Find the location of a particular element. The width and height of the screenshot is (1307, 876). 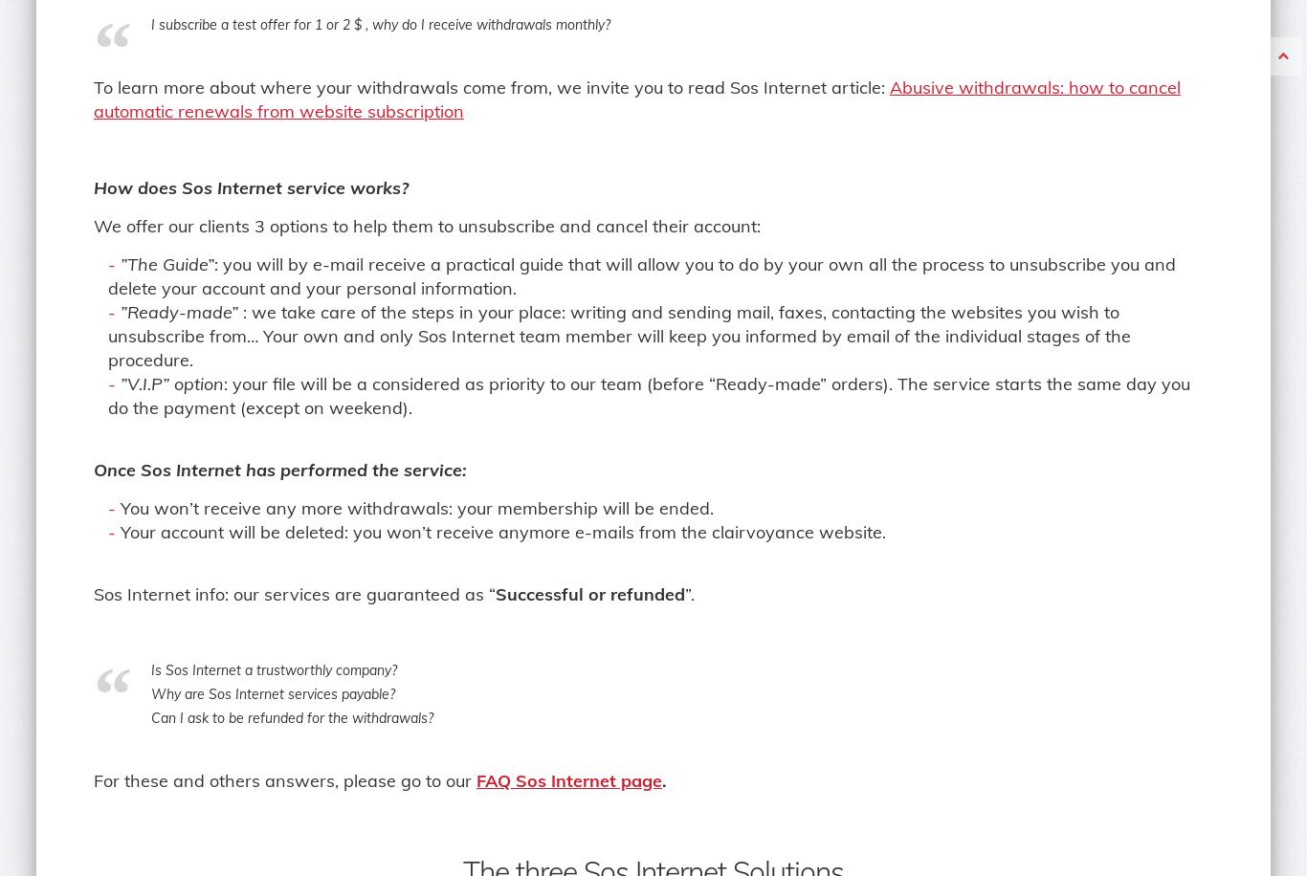

'We offer our clients 3 options to help them to unsubscribe and cancel their account:' is located at coordinates (426, 226).